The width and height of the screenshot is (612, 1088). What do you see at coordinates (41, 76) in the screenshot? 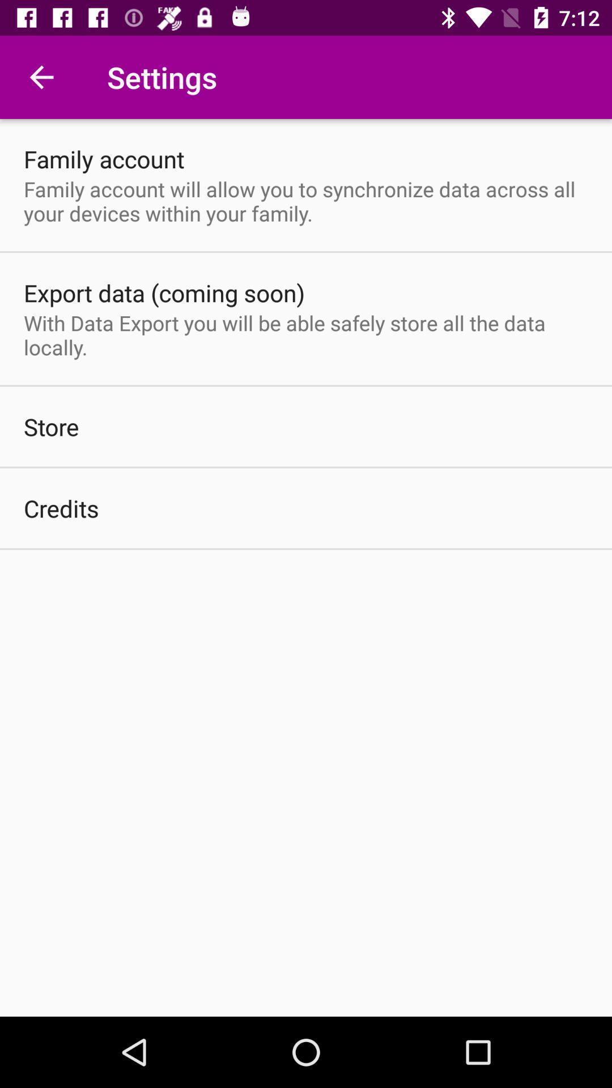
I see `app next to settings item` at bounding box center [41, 76].